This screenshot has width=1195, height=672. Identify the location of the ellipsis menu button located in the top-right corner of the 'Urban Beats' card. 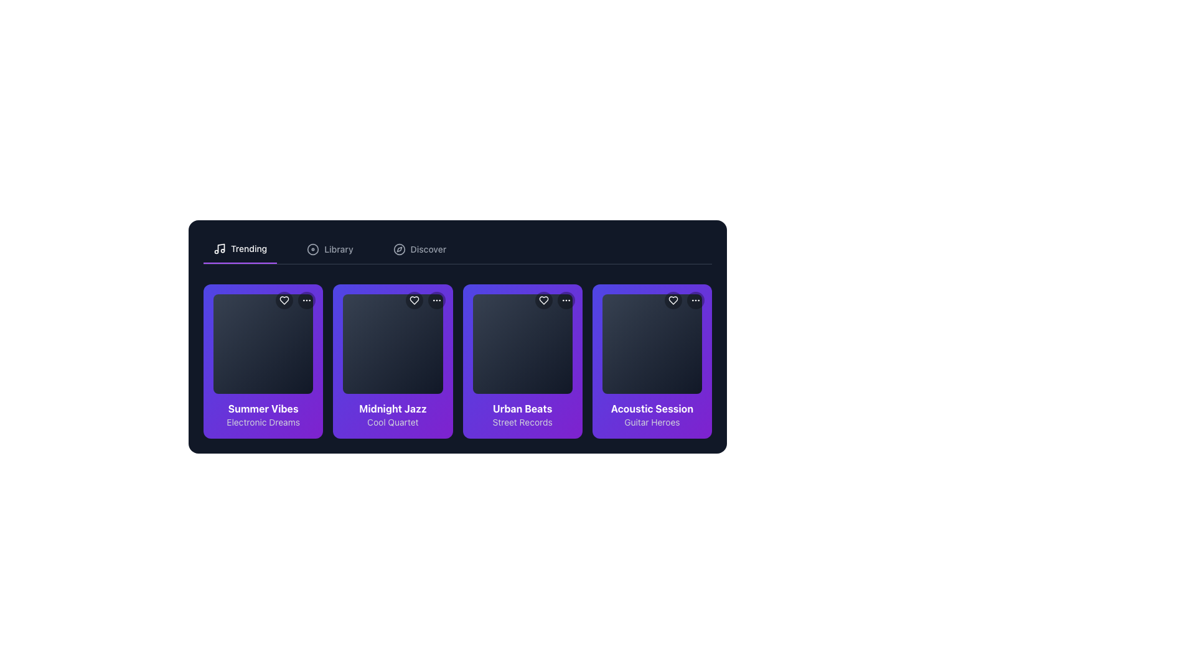
(565, 300).